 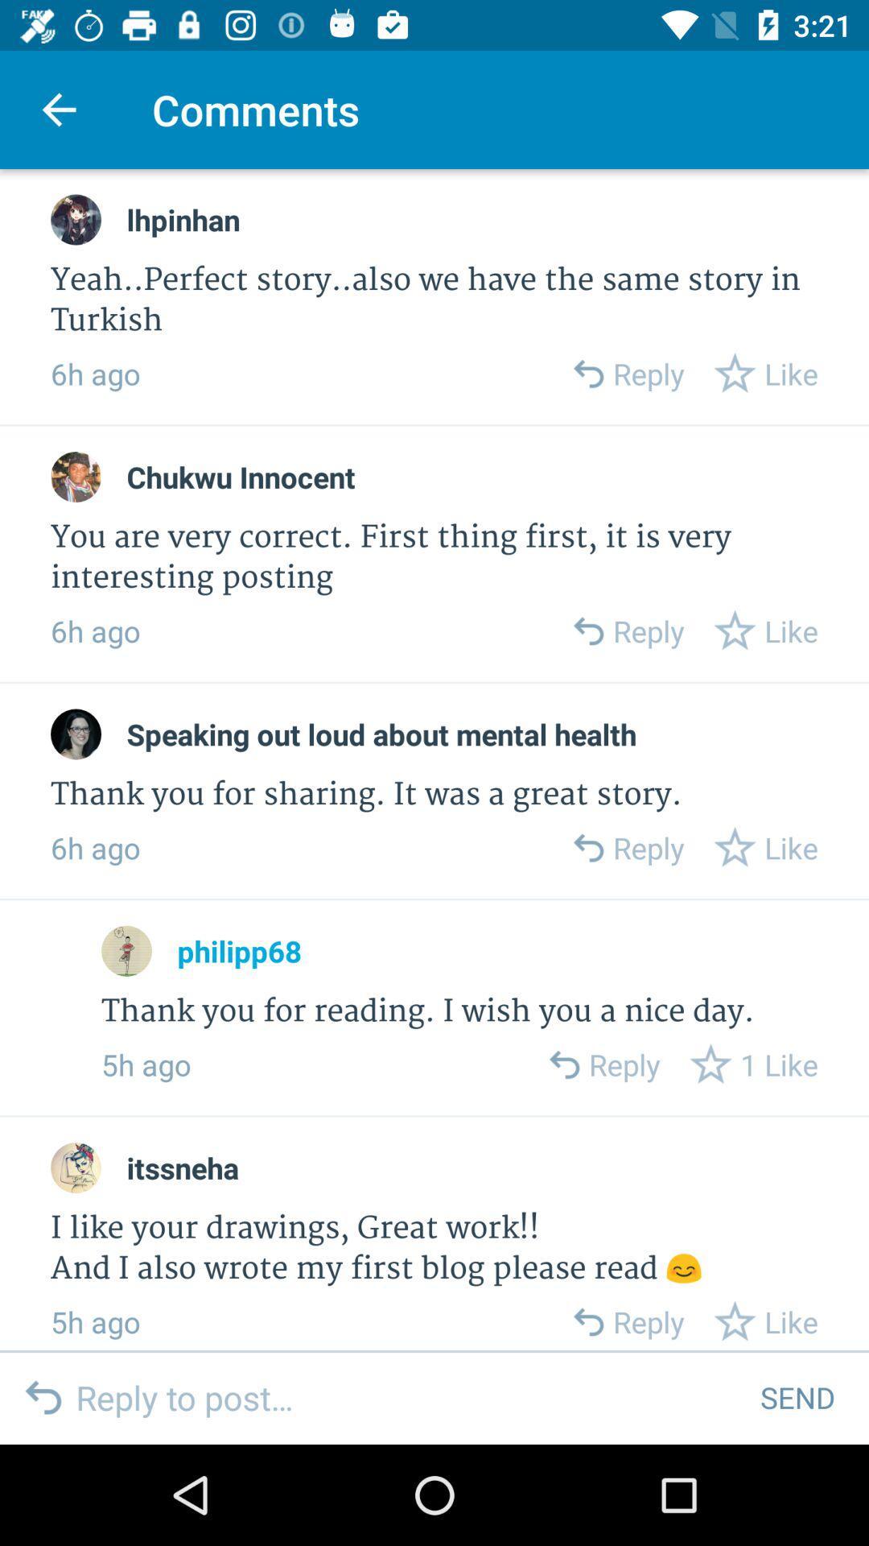 What do you see at coordinates (587, 1321) in the screenshot?
I see `go back` at bounding box center [587, 1321].